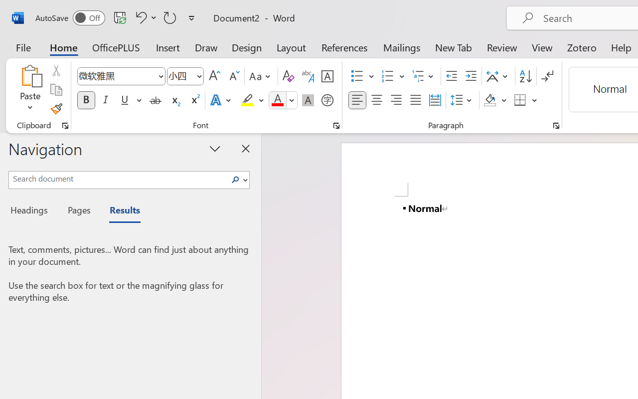 This screenshot has height=399, width=638. Describe the element at coordinates (393, 76) in the screenshot. I see `'Numbering'` at that location.